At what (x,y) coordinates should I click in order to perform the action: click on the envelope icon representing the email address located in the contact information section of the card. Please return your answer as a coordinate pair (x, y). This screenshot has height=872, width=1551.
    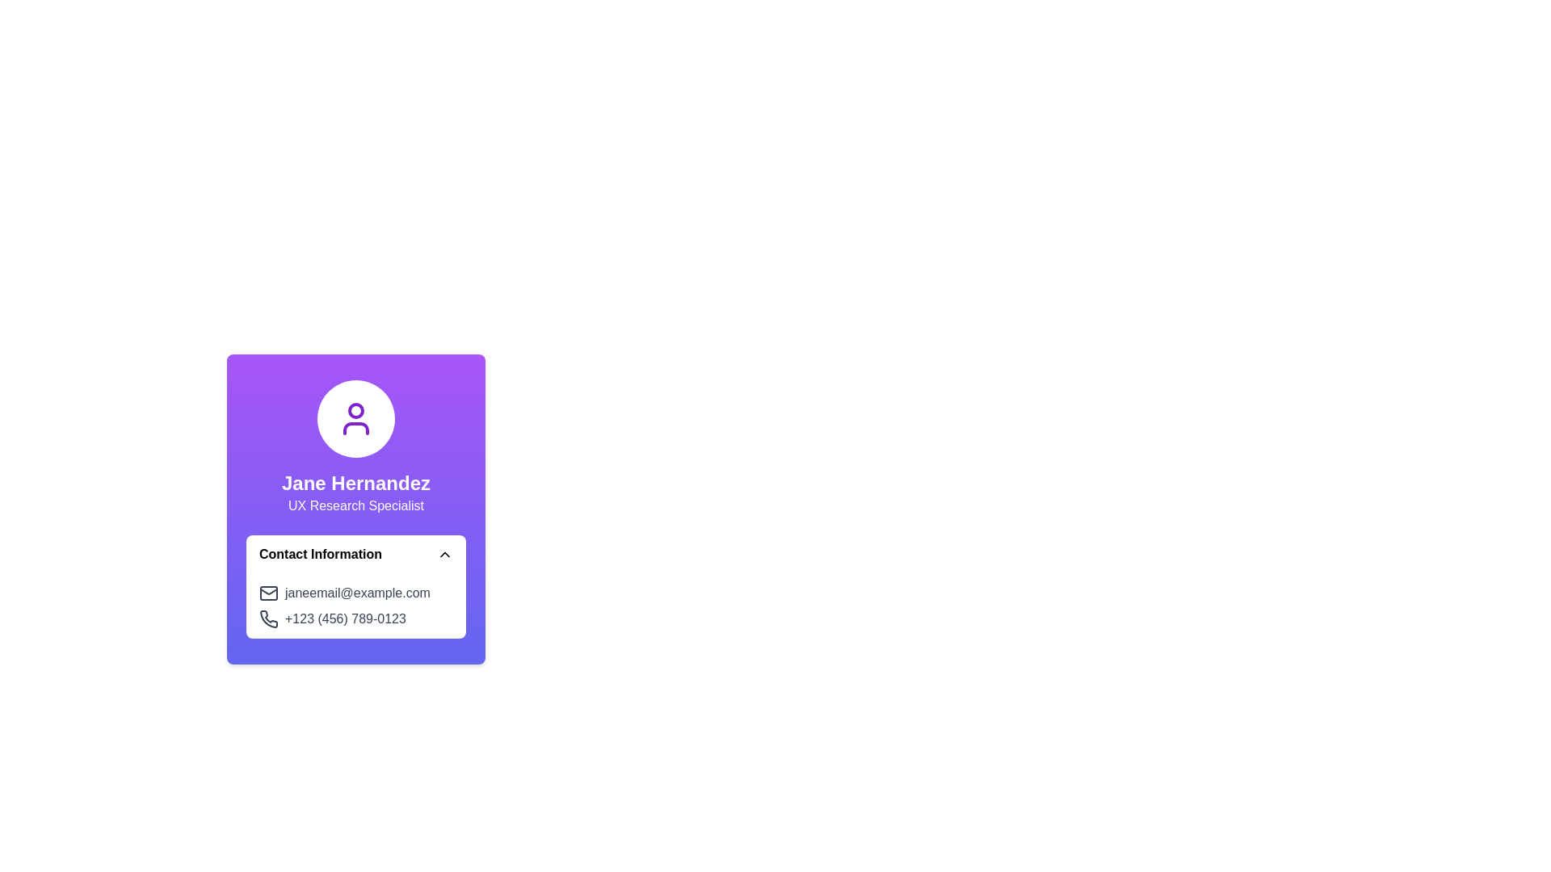
    Looking at the image, I should click on (268, 593).